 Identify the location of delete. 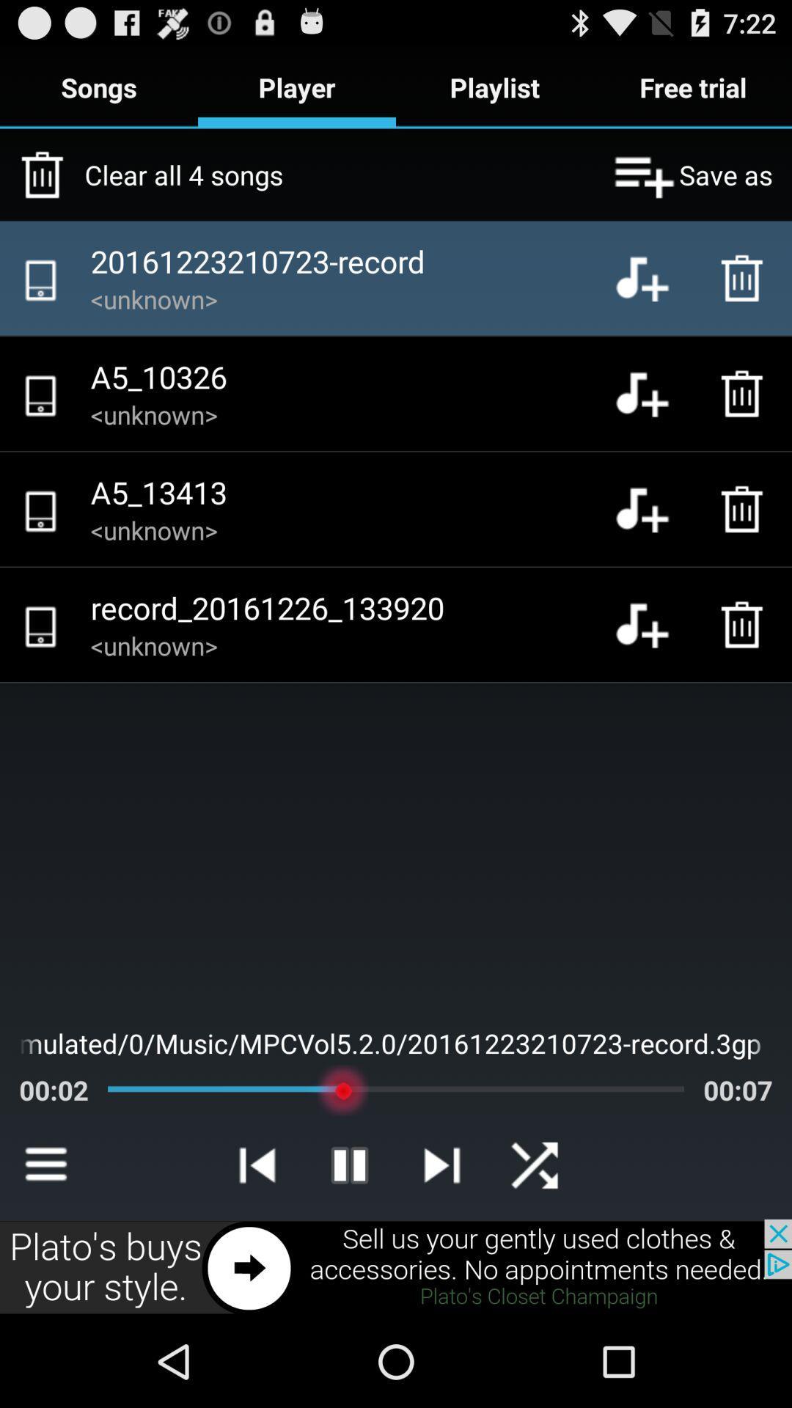
(746, 278).